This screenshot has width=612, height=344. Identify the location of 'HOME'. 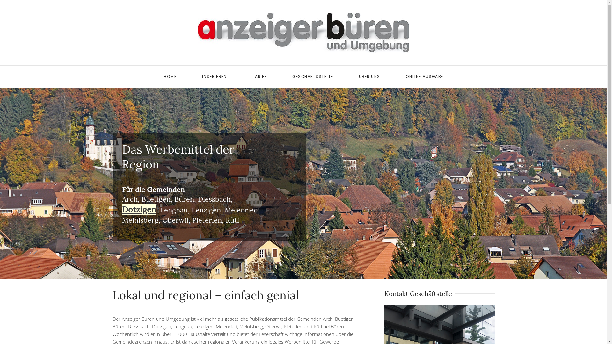
(170, 76).